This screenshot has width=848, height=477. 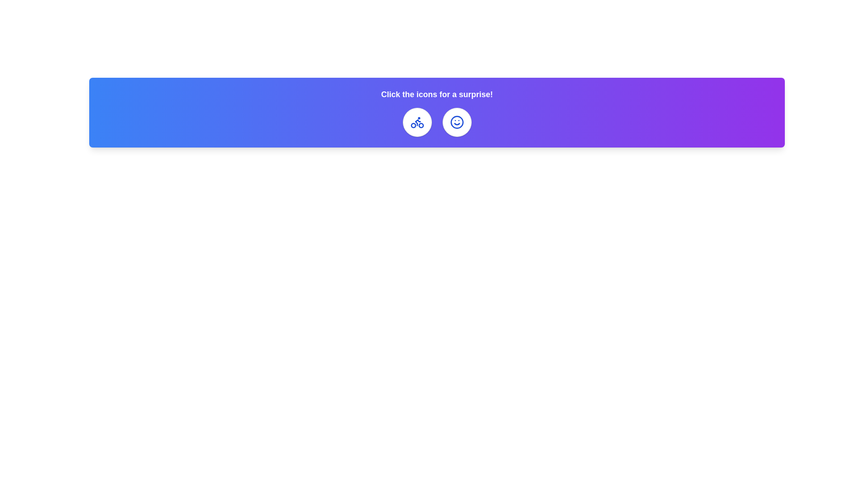 What do you see at coordinates (420, 125) in the screenshot?
I see `the small blue and white circle that represents the rear wheel of the bicycle icon located at the center of the interface` at bounding box center [420, 125].